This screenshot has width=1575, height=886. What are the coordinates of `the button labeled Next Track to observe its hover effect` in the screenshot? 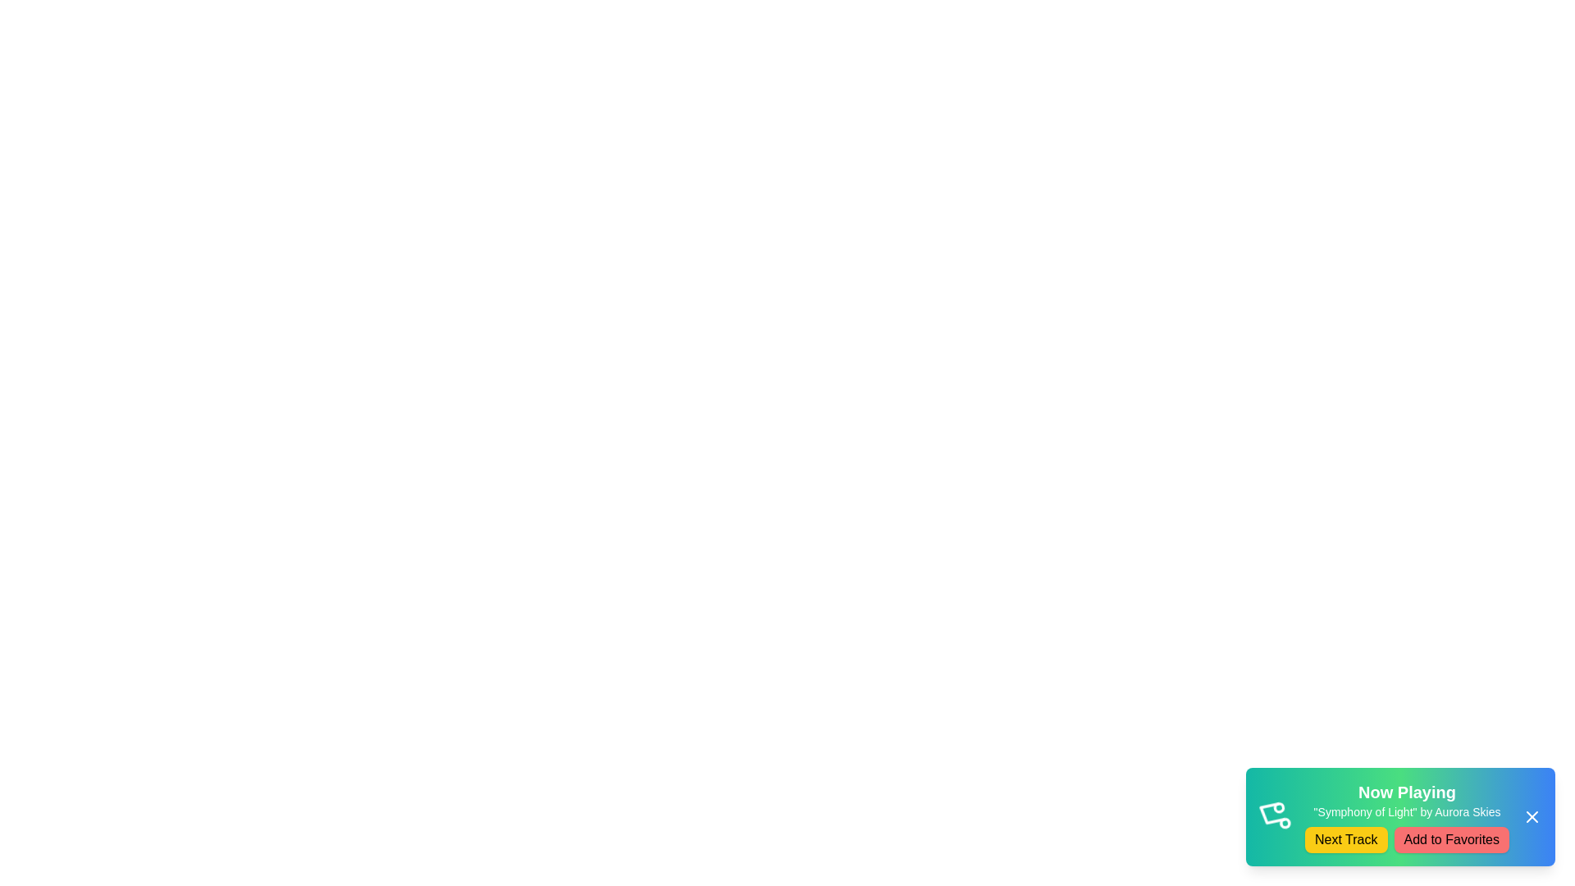 It's located at (1346, 839).